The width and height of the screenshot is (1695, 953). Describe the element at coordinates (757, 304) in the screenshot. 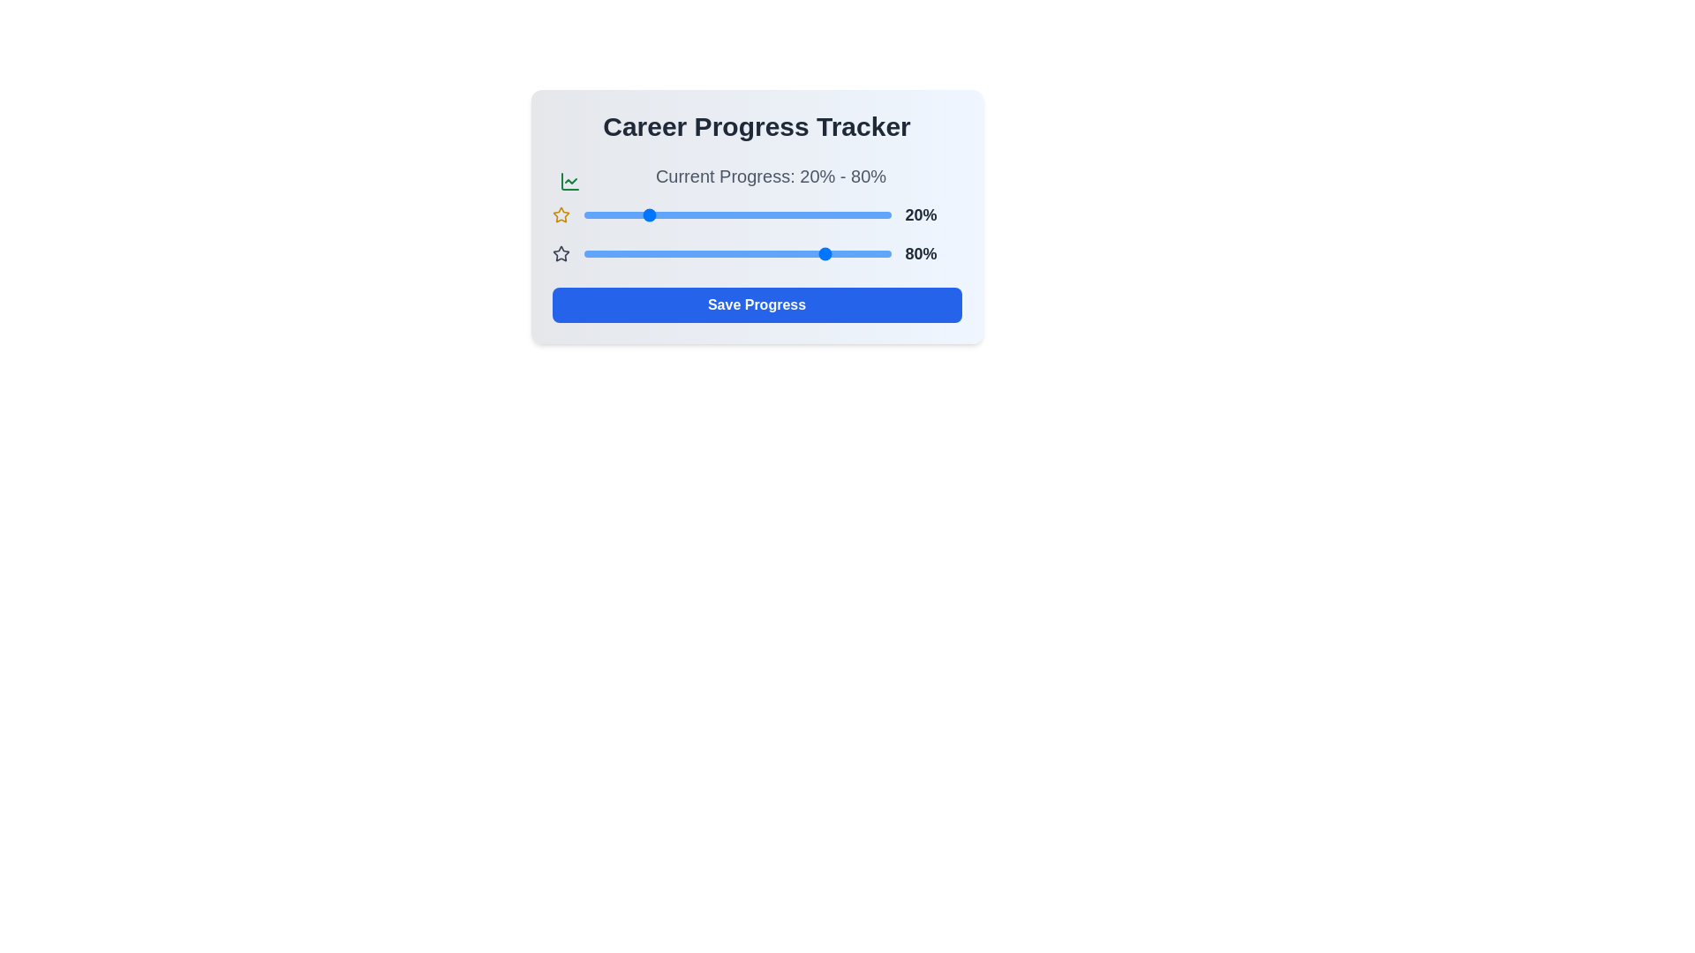

I see `'Save Progress' button to save the current progress` at that location.